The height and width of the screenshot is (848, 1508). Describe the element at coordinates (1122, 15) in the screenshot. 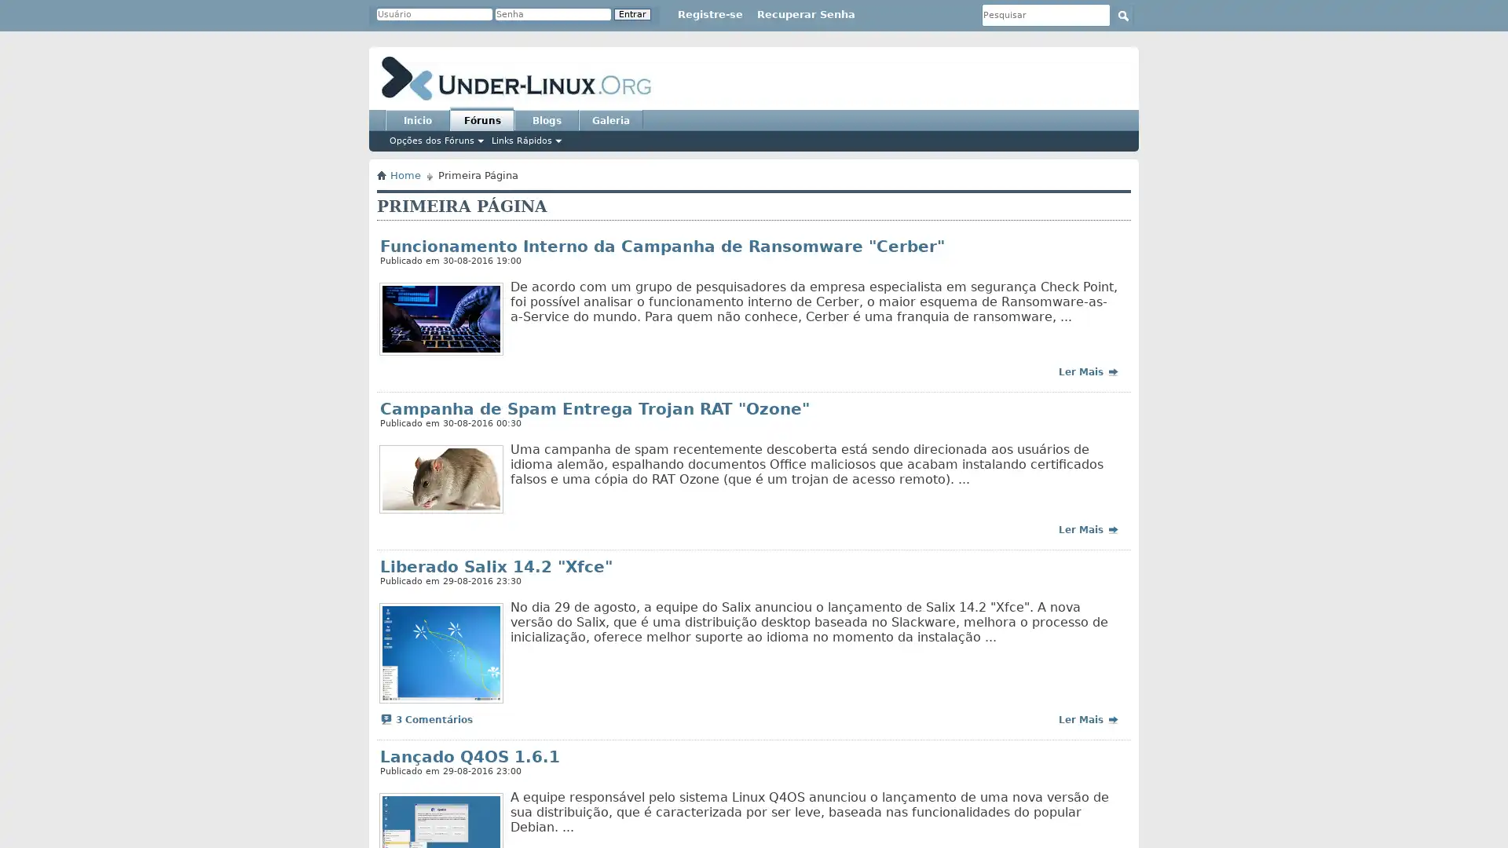

I see `Submit` at that location.